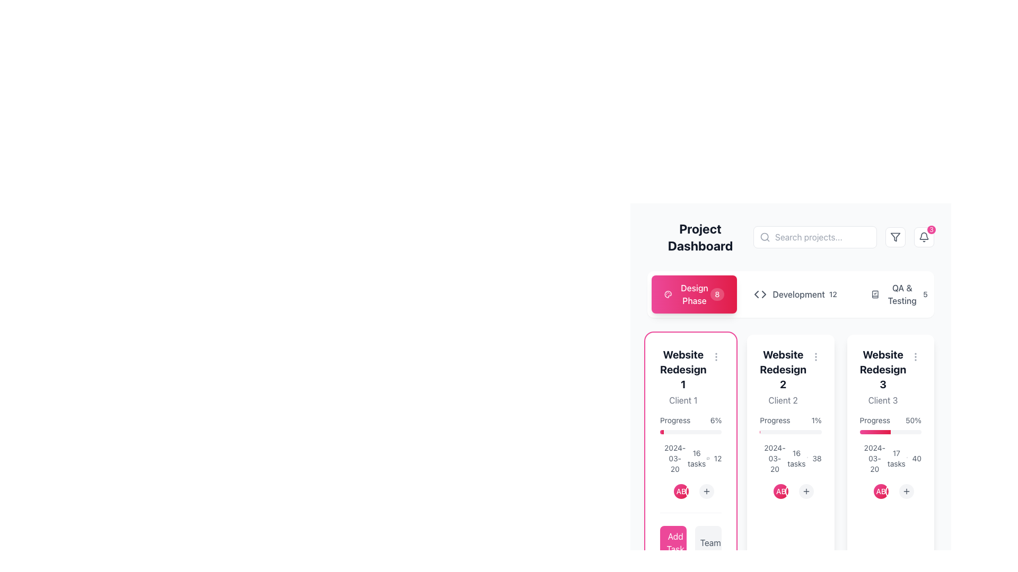  Describe the element at coordinates (815, 357) in the screenshot. I see `the vertical ellipsis icon button located in the top-right corner of the 'Website Redesign 2' card` at that location.